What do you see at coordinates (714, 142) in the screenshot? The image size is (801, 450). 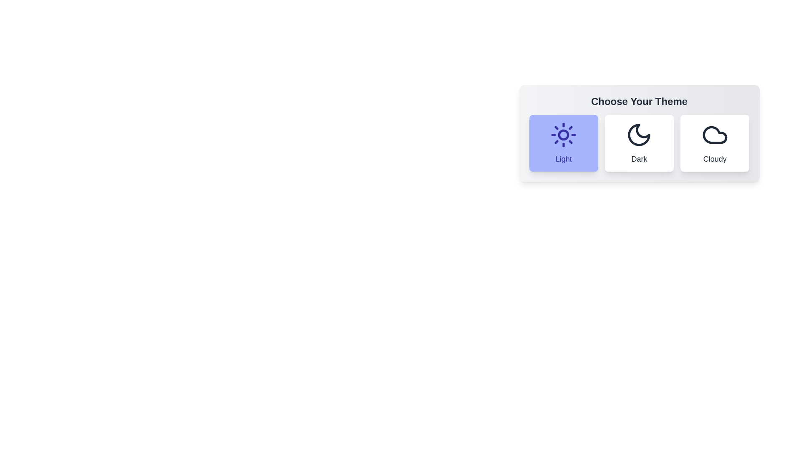 I see `the rectangular selection button labeled 'Cloudy' with a cloud-shaped icon above it, which is the third button under the 'Choose Your Theme' heading` at bounding box center [714, 142].